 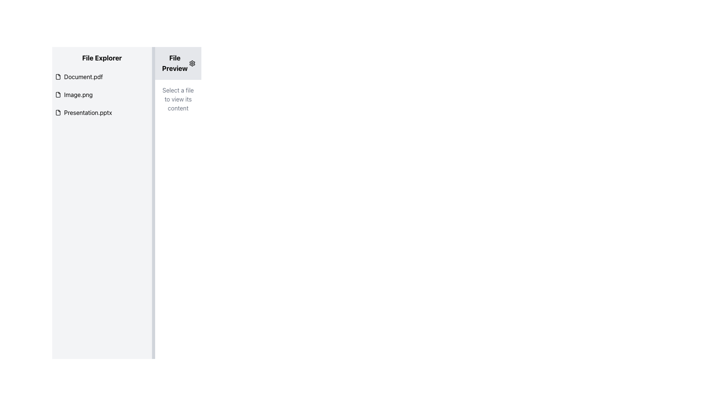 I want to click on the text label for the file named 'Document.pdf', so click(x=84, y=76).